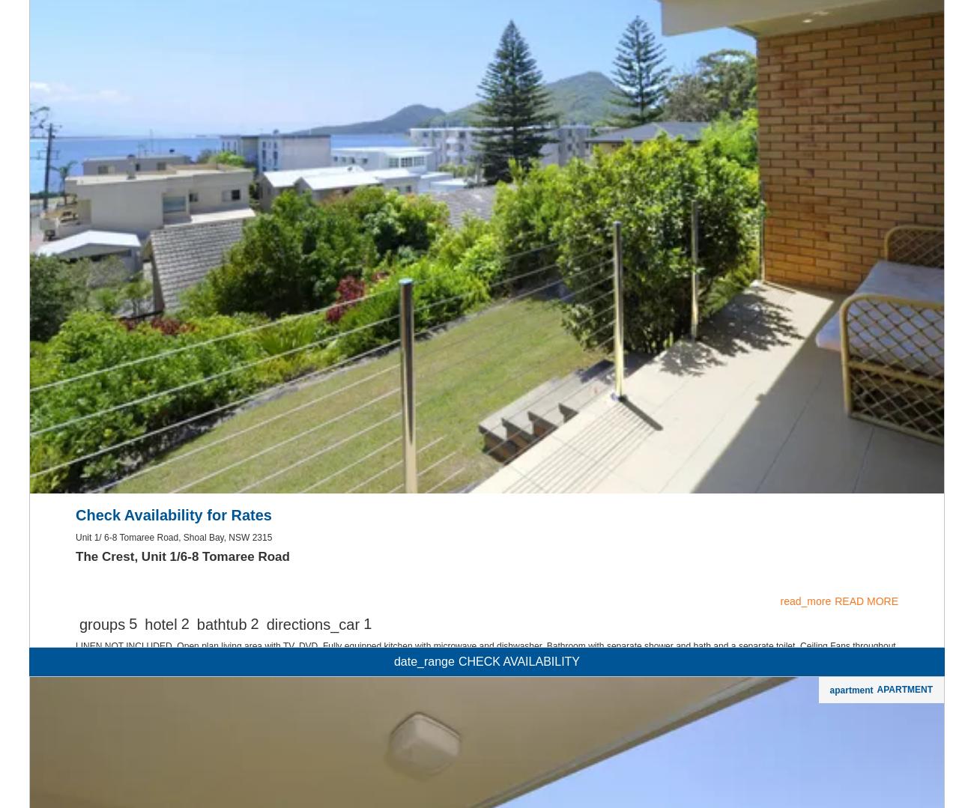  I want to click on 'apartment', so click(850, 100).